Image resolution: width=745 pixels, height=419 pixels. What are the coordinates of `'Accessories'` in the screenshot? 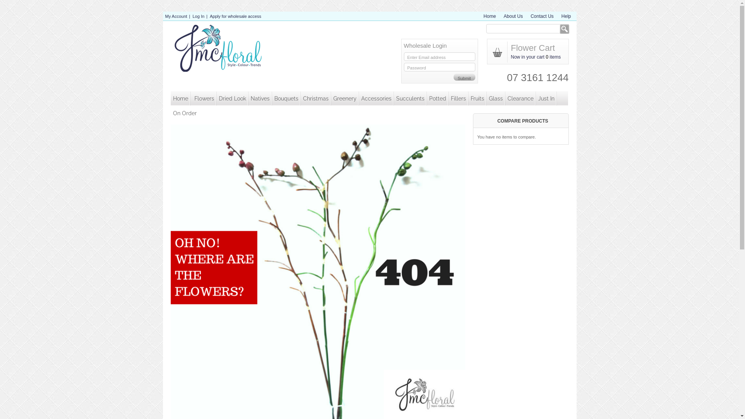 It's located at (376, 98).